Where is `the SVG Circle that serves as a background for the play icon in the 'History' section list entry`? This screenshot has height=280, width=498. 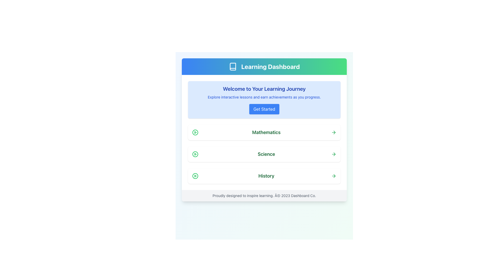 the SVG Circle that serves as a background for the play icon in the 'History' section list entry is located at coordinates (195, 176).